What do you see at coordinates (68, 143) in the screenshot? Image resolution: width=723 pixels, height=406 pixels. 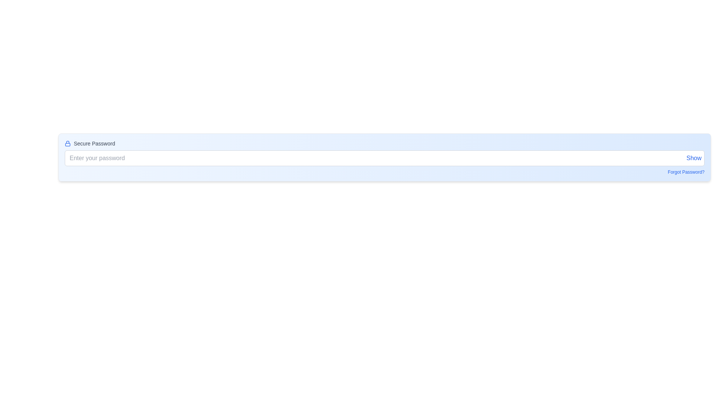 I see `the blue padlock icon located to the left of the 'Secure Password' text label` at bounding box center [68, 143].